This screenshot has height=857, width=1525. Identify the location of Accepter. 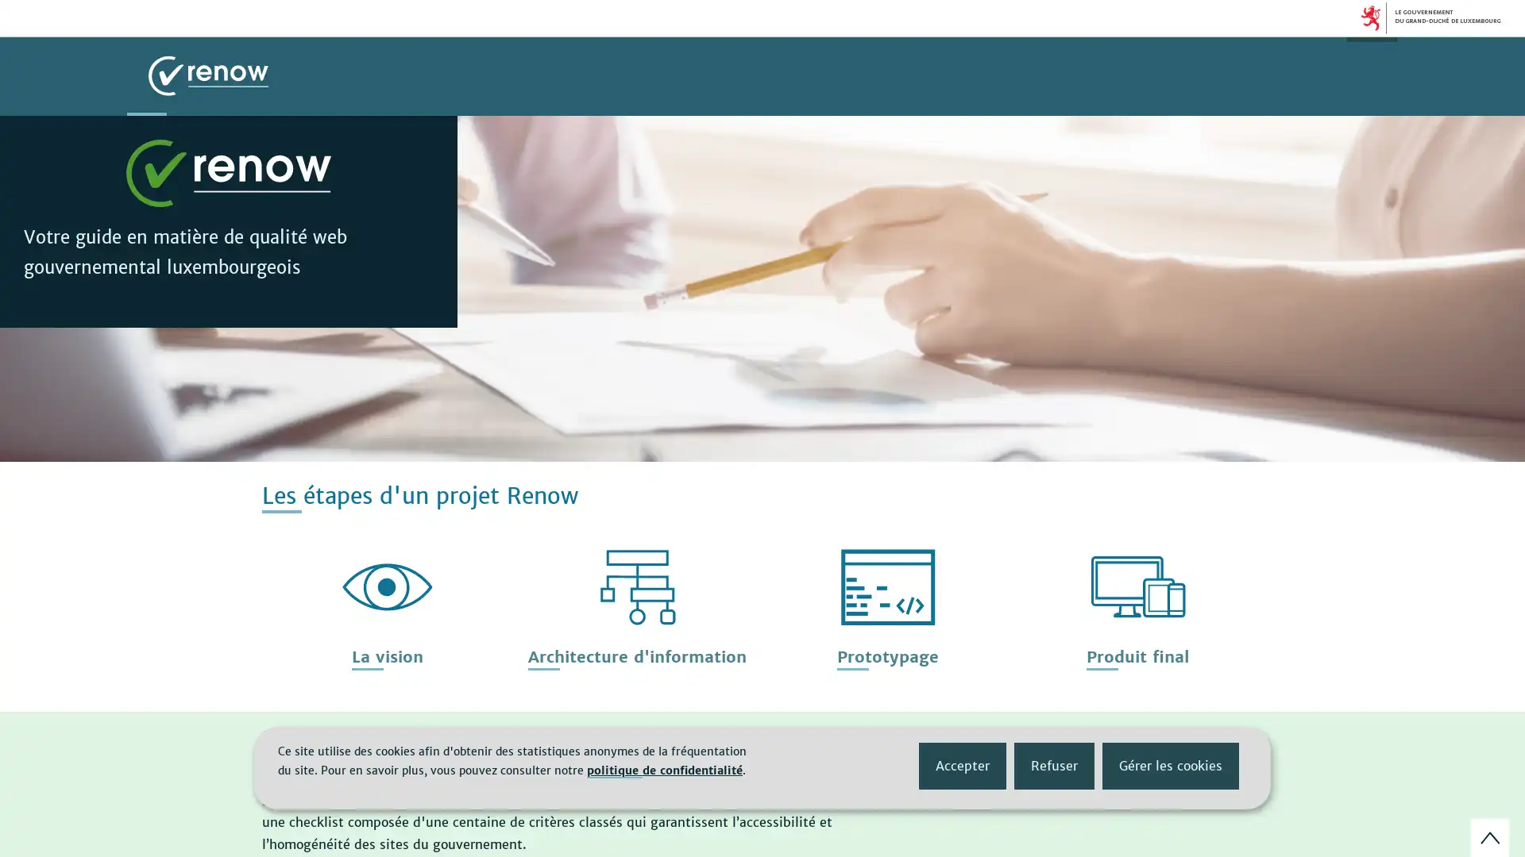
(962, 764).